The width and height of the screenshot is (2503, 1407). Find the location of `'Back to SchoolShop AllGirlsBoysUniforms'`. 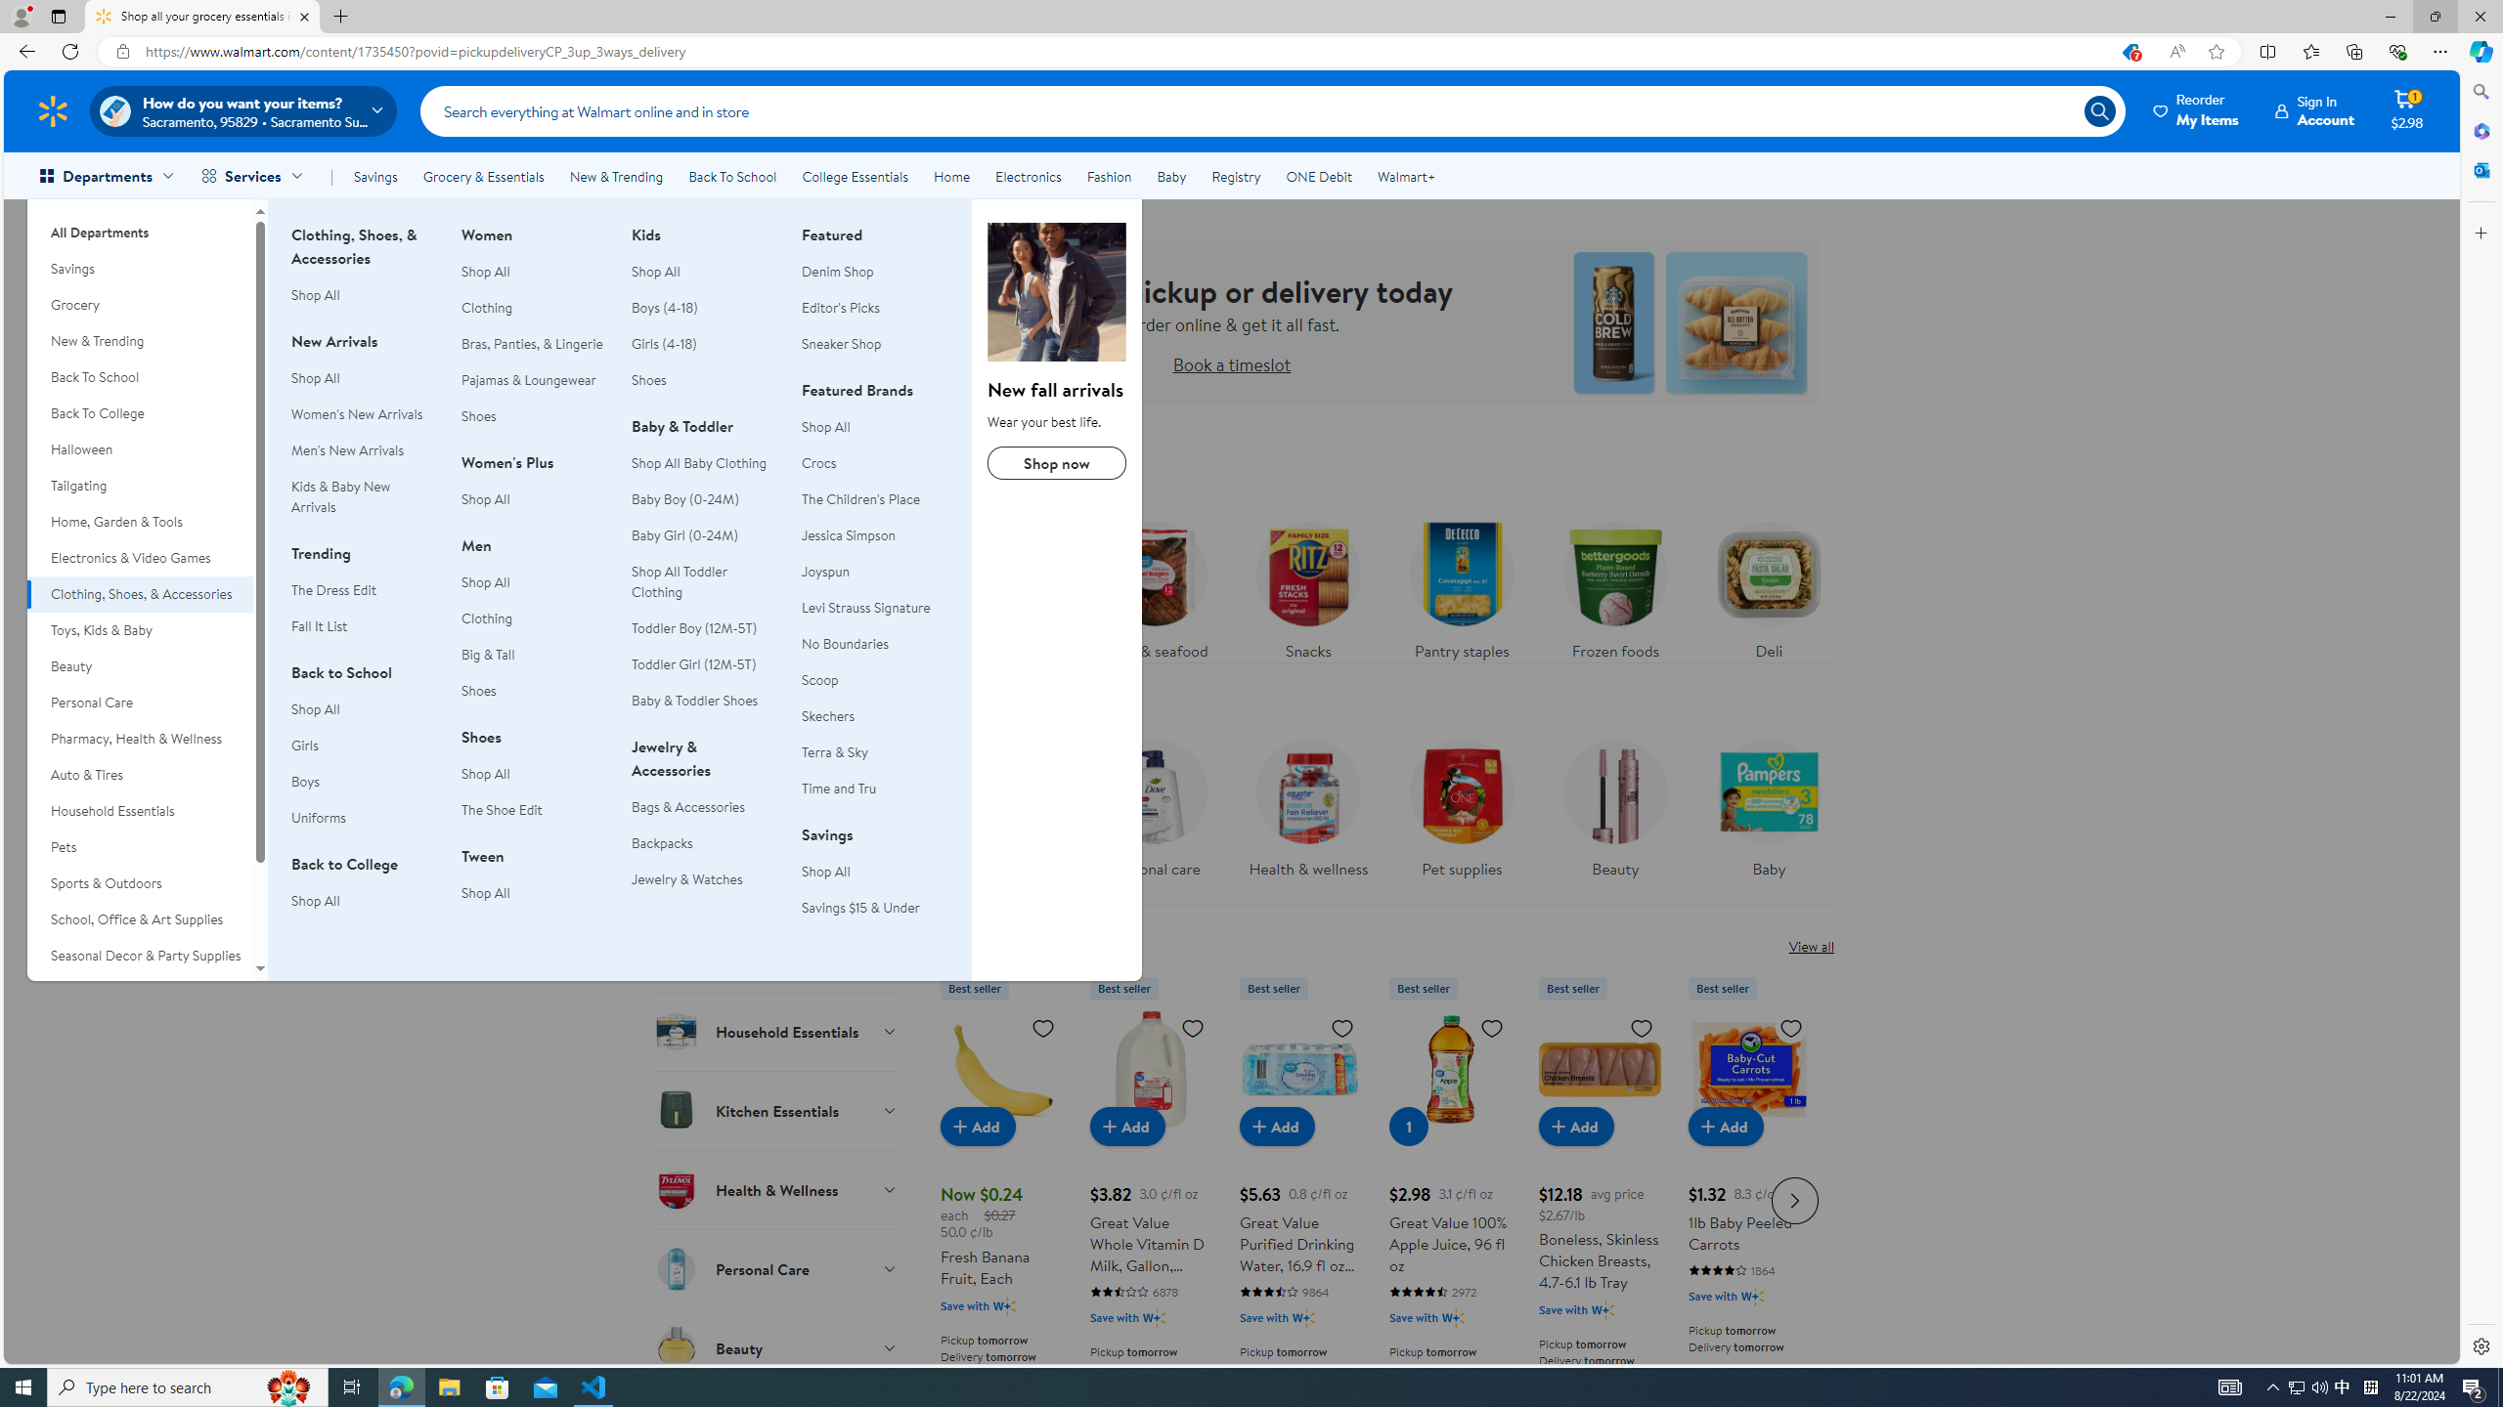

'Back to SchoolShop AllGirlsBoysUniforms' is located at coordinates (363, 755).